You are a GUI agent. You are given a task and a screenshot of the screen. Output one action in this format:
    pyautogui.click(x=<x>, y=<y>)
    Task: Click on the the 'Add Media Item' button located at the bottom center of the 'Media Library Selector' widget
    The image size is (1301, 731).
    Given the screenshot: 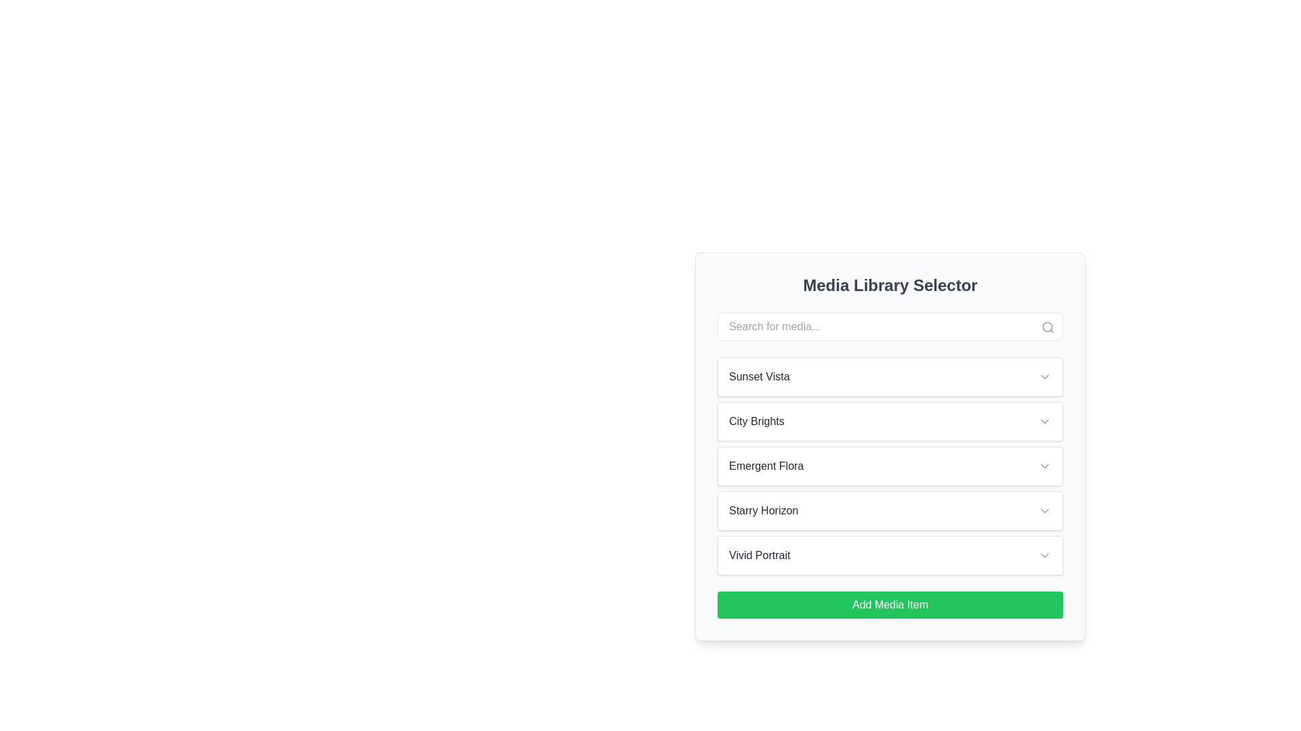 What is the action you would take?
    pyautogui.click(x=890, y=604)
    